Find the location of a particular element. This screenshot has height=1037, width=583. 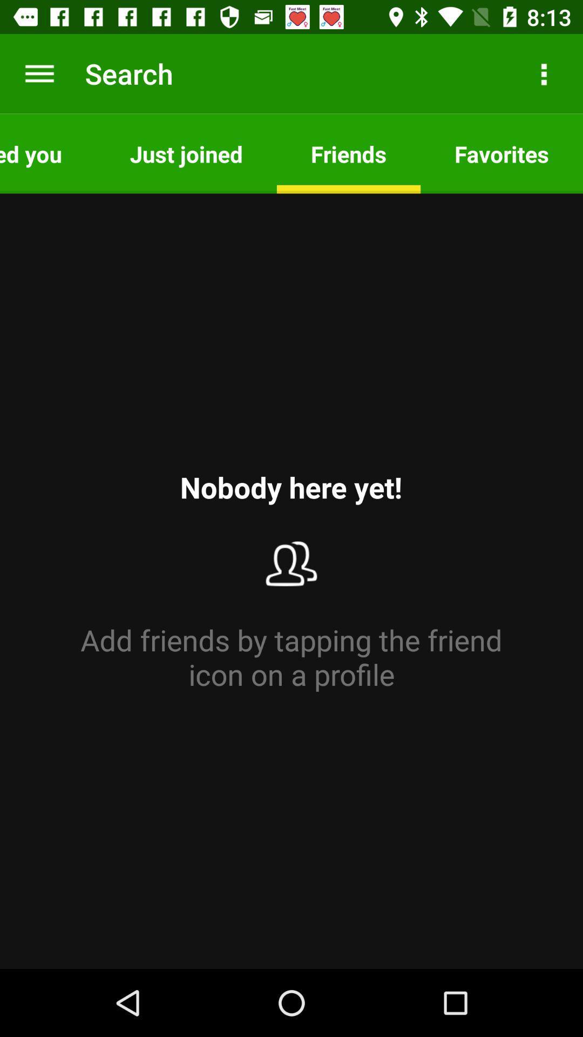

the item to the right of friends item is located at coordinates (501, 153).